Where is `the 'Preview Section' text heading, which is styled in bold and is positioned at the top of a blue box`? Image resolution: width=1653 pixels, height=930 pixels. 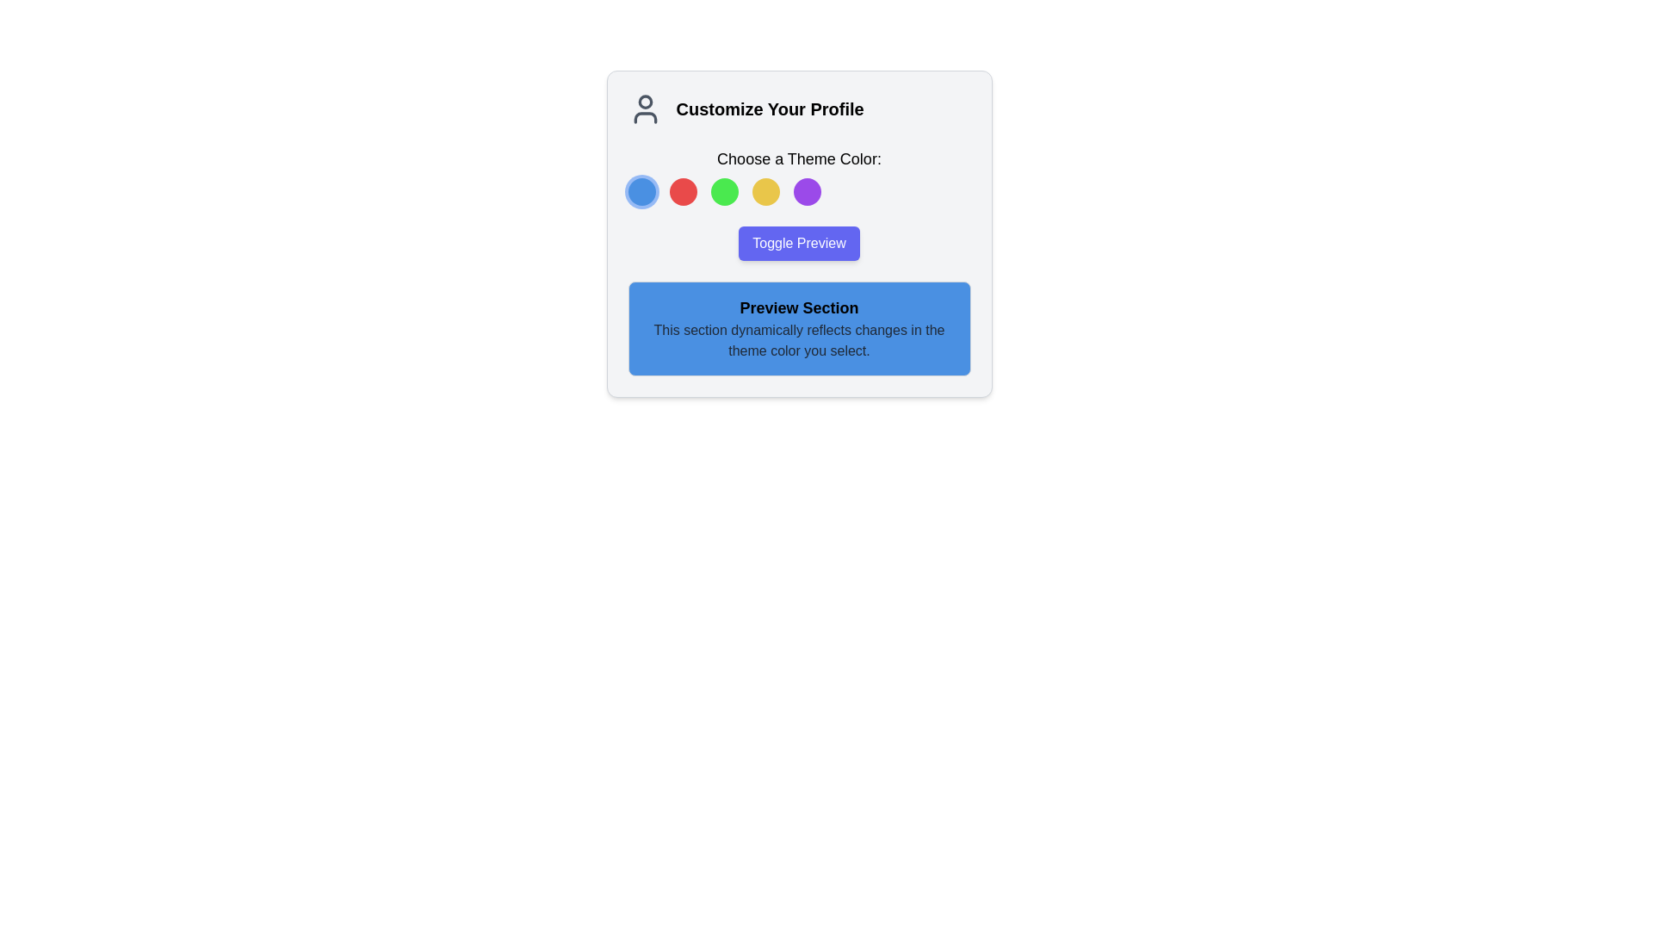
the 'Preview Section' text heading, which is styled in bold and is positioned at the top of a blue box is located at coordinates (798, 307).